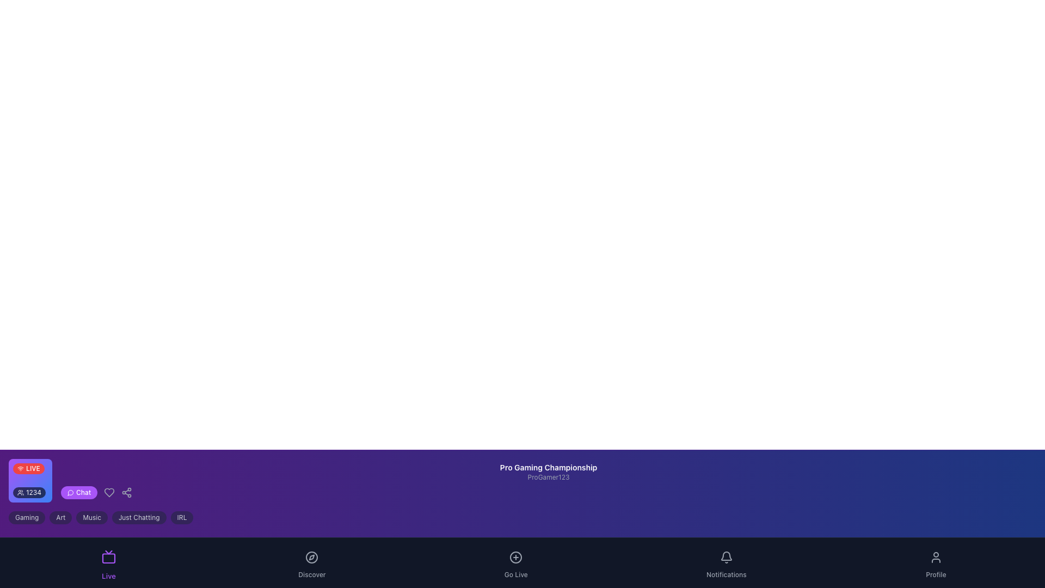 The width and height of the screenshot is (1045, 588). I want to click on the rounded rectangular button labeled 'IRL' with a dark gray background, so click(182, 517).